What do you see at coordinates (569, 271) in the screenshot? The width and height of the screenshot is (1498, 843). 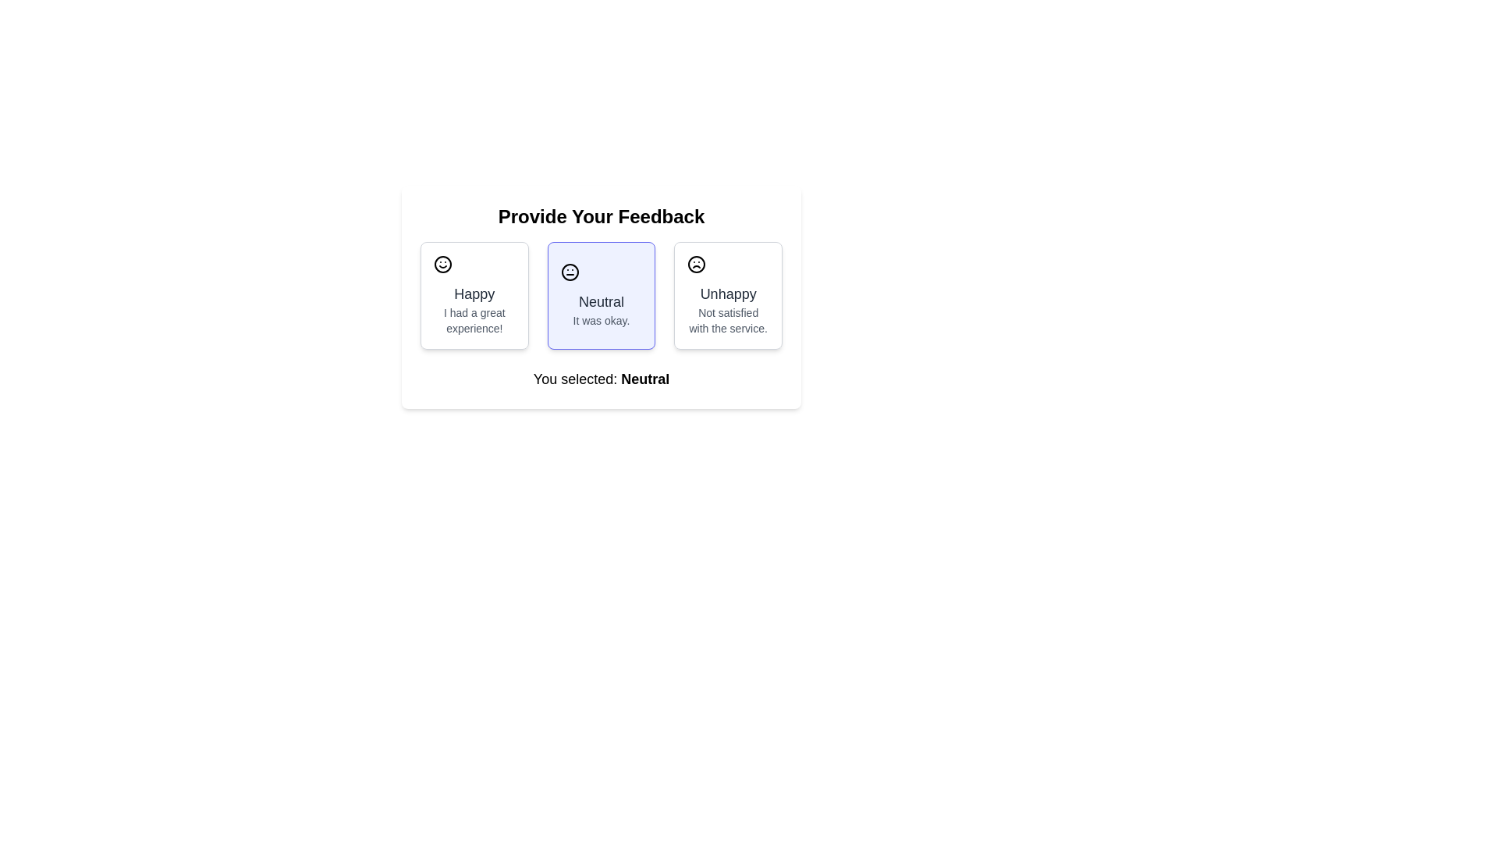 I see `the circular icon representing the 'Neutral' mood selection in the feedback form, located in the center of the feedback options row` at bounding box center [569, 271].